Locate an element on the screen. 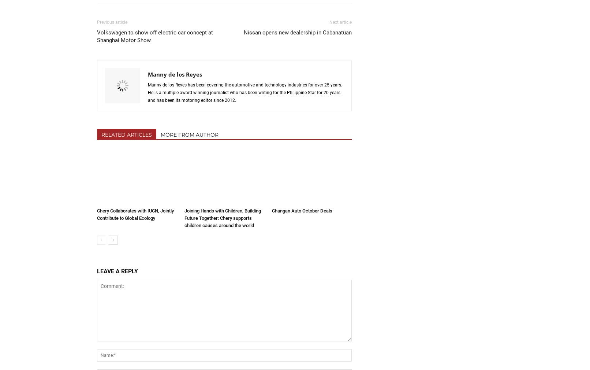  'Next article' is located at coordinates (340, 21).